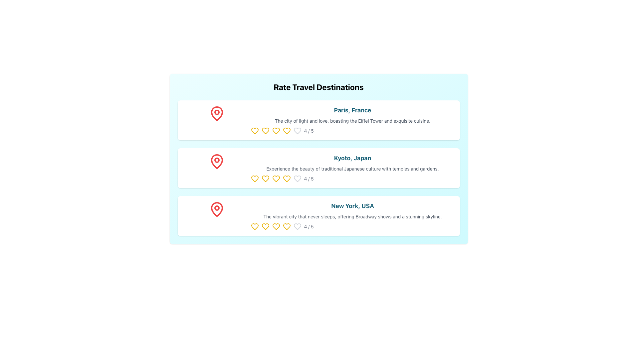  Describe the element at coordinates (297, 131) in the screenshot. I see `the interactive heart icon button styled in gray` at that location.